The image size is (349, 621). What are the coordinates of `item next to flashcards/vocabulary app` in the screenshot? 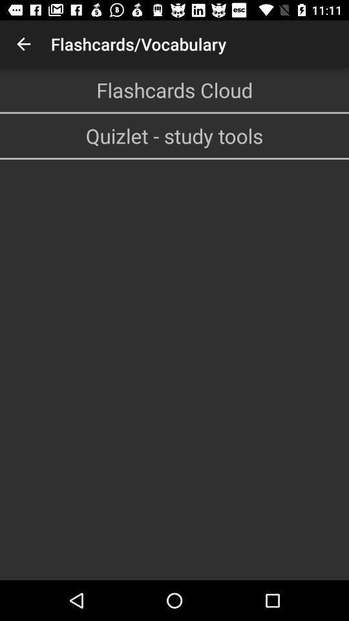 It's located at (23, 44).